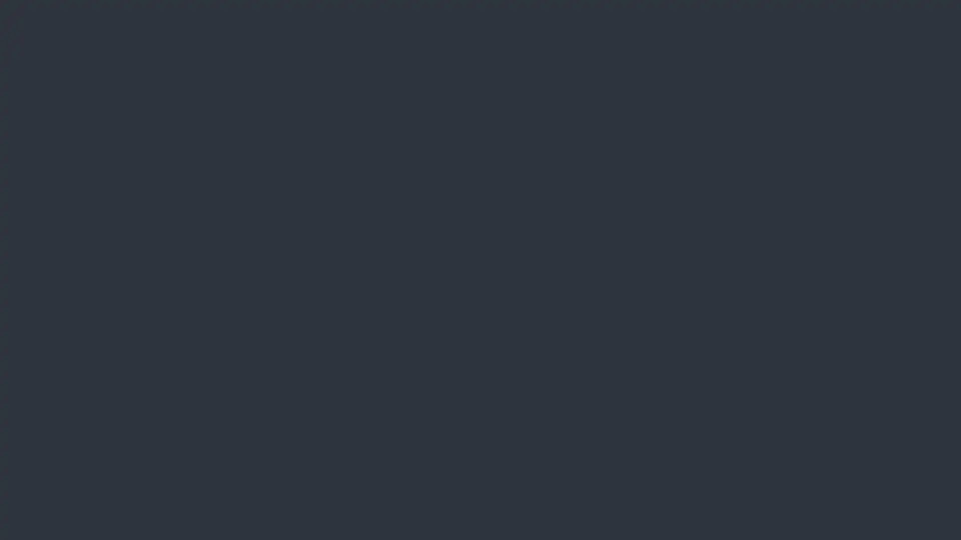  I want to click on Forgot your password?, so click(480, 311).